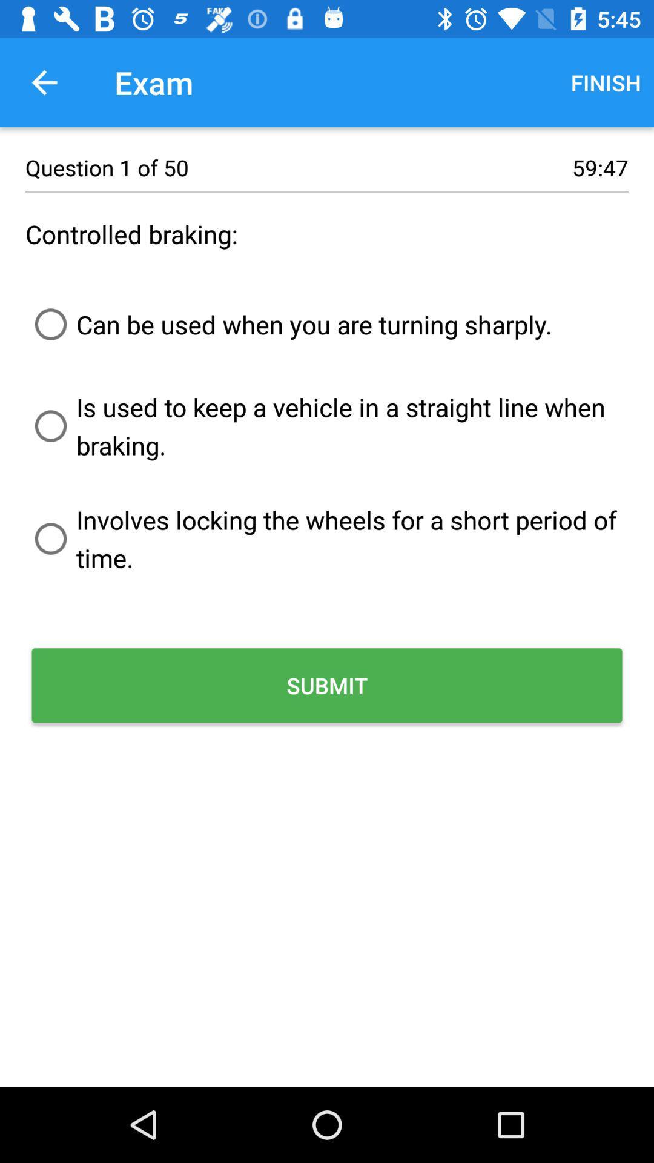 This screenshot has height=1163, width=654. I want to click on item below the can be used, so click(327, 426).